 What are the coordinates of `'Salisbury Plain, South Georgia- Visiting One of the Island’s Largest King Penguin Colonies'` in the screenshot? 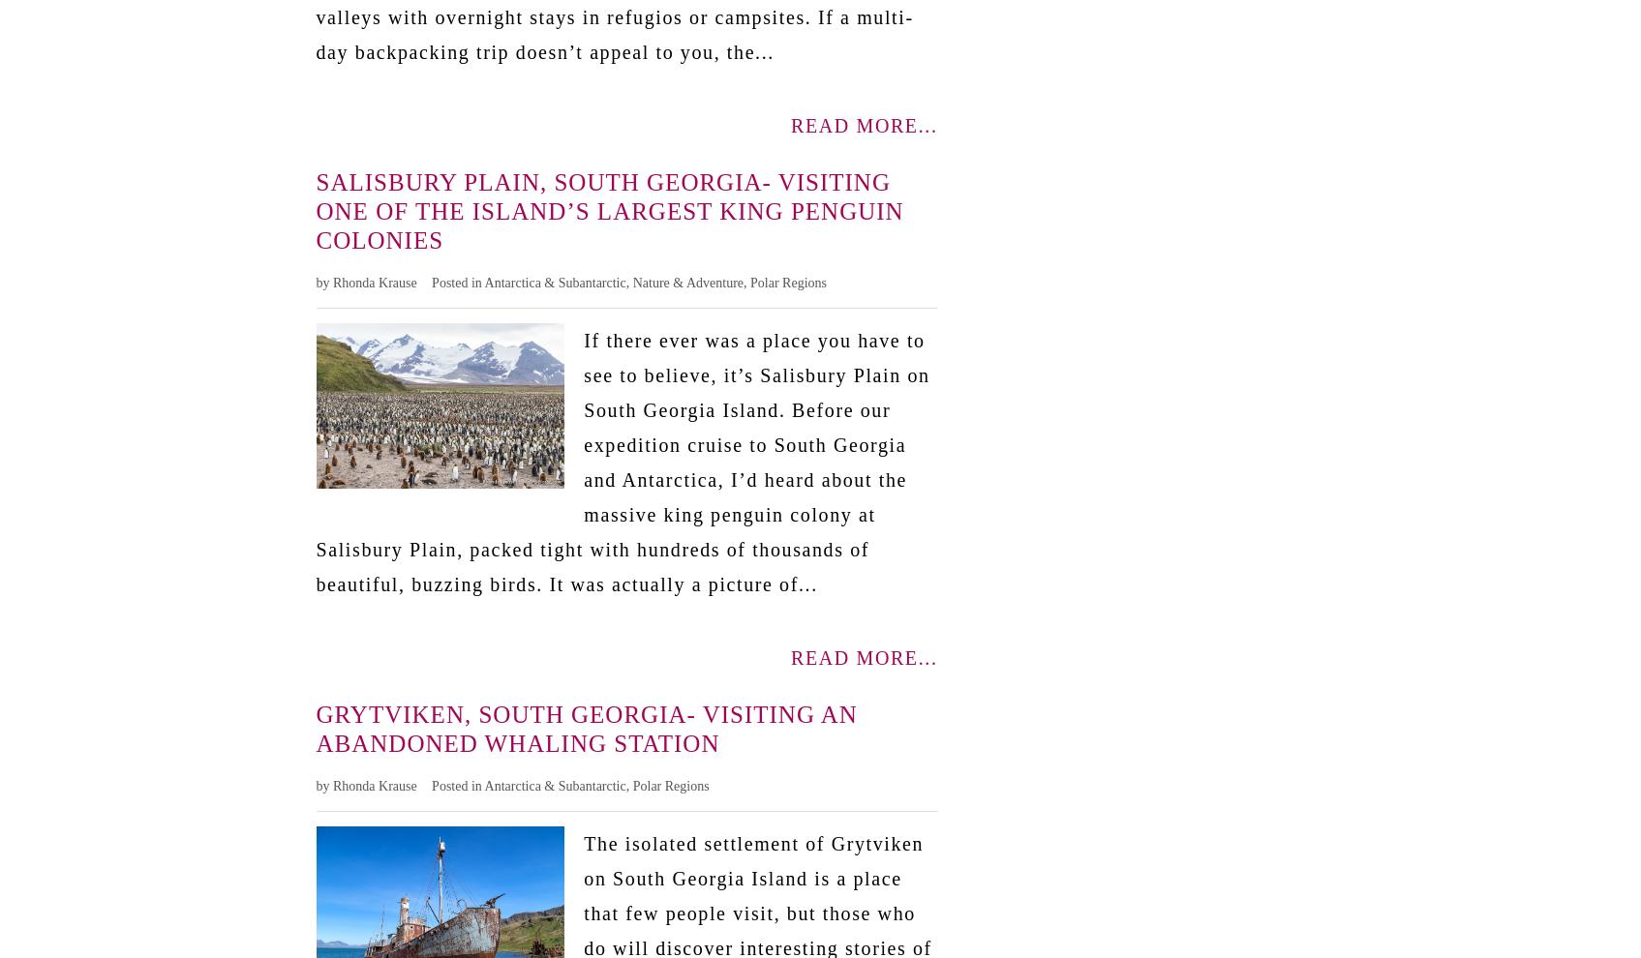 It's located at (608, 209).